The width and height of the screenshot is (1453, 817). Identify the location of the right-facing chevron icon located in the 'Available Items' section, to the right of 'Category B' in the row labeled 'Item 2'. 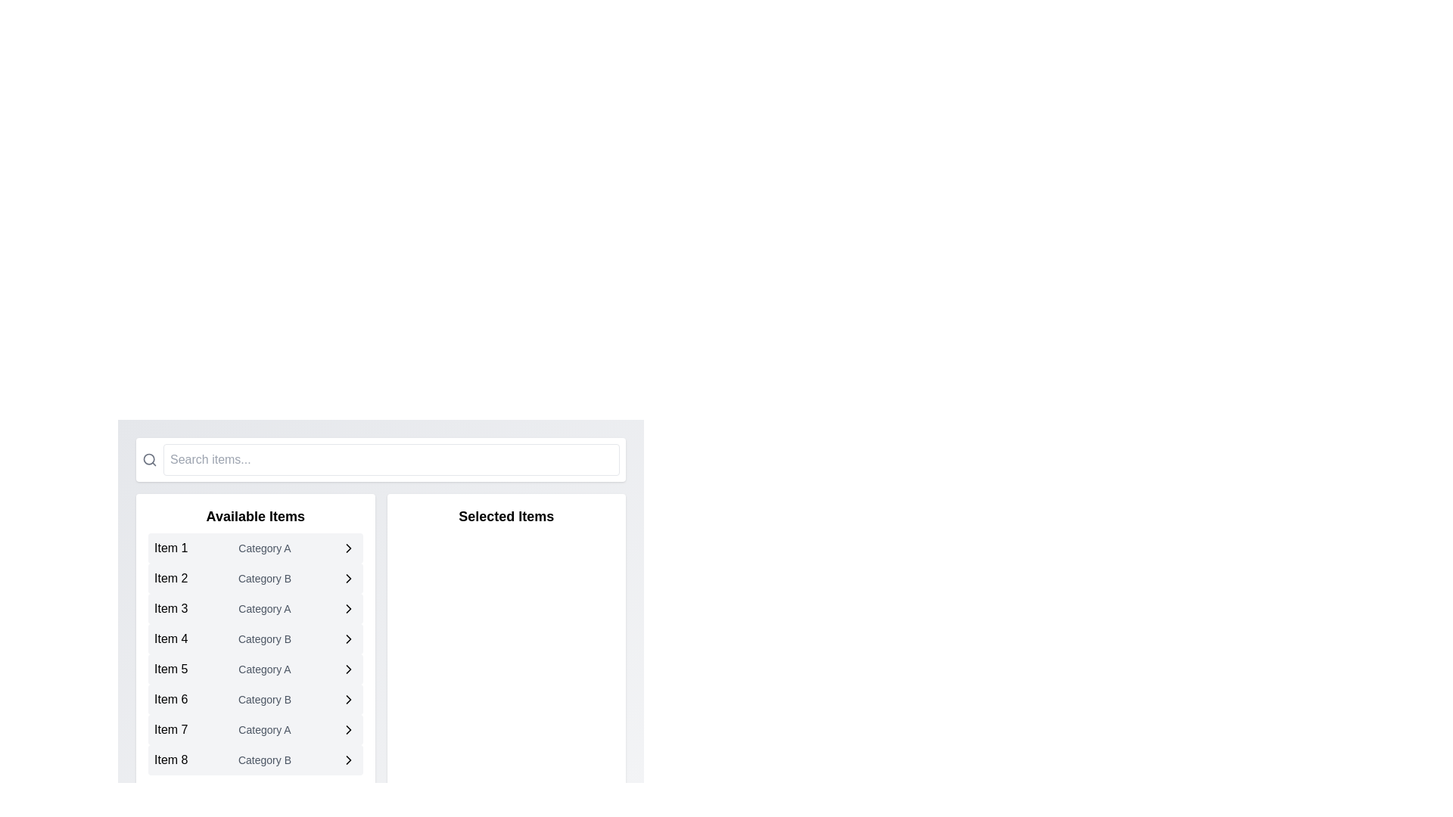
(348, 578).